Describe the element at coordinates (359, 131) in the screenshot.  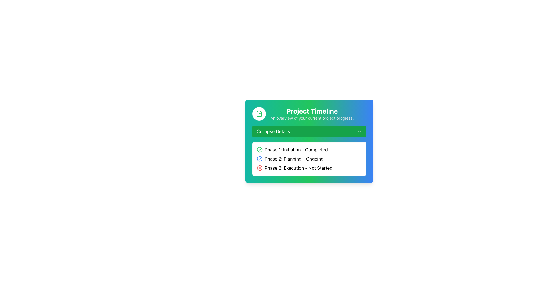
I see `the upward-pointing chevron icon located to the far right of the 'Collapse Details' text` at that location.